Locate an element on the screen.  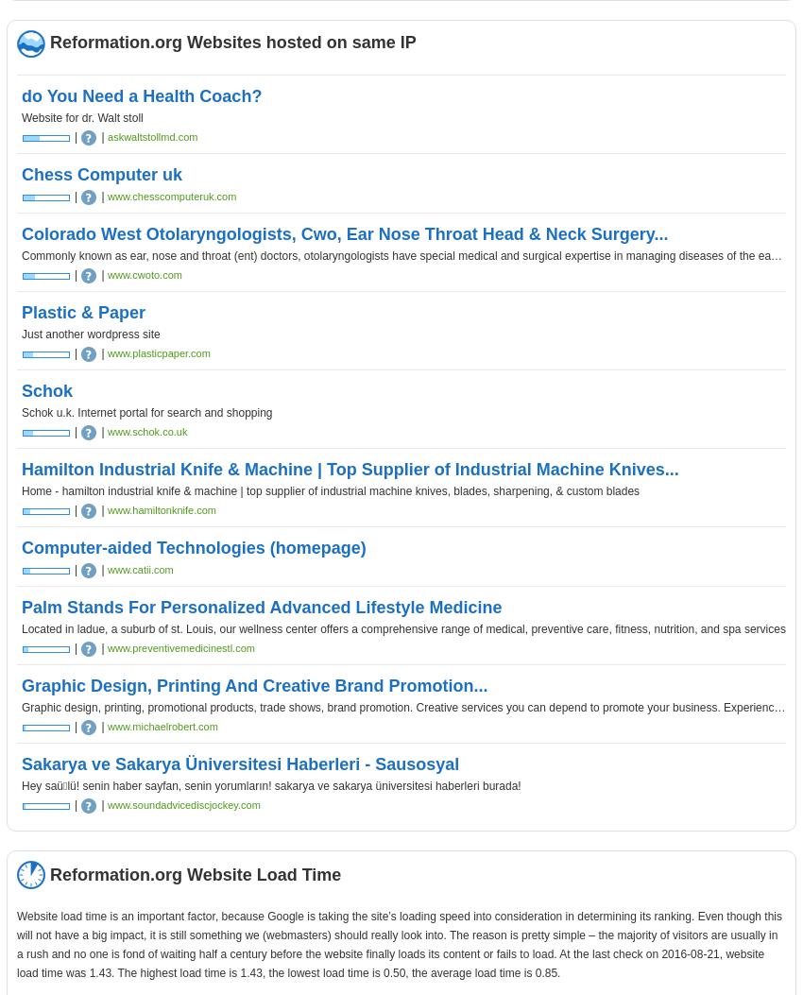
'www.michaelrobert.com' is located at coordinates (106, 727).